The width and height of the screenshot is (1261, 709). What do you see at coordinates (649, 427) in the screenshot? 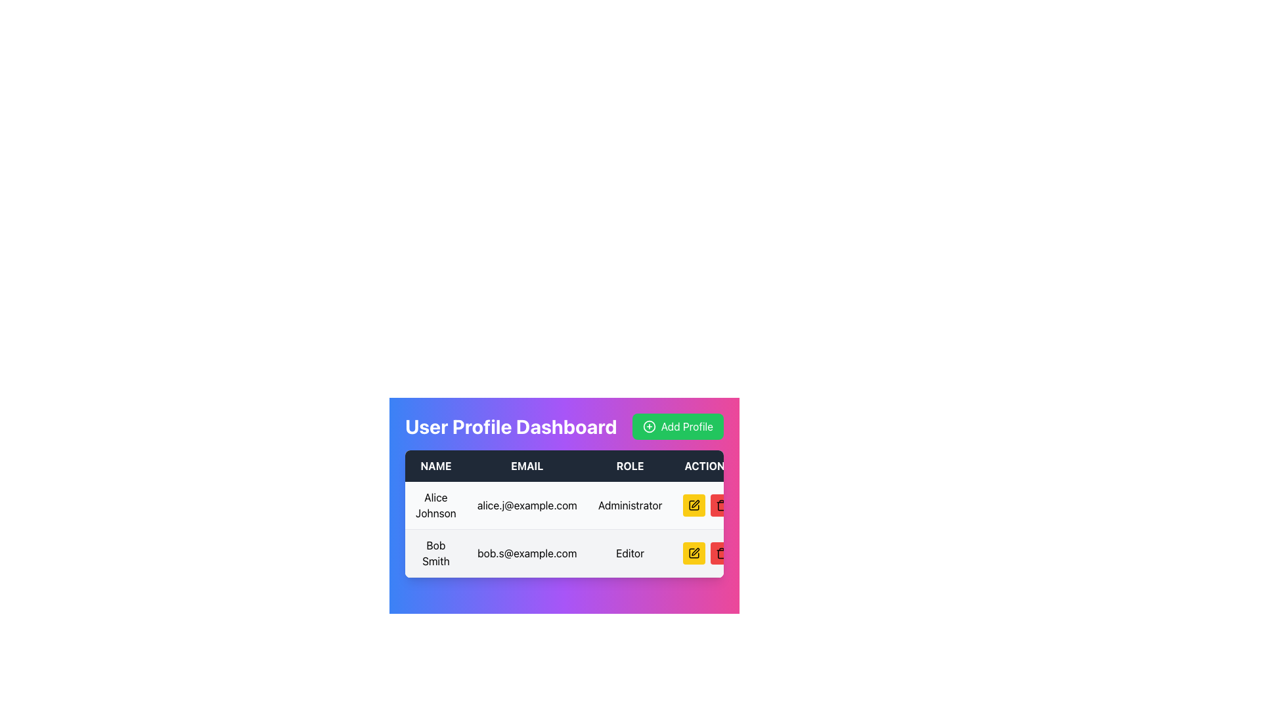
I see `the 'Add Profile' button located at the top right of the user interface` at bounding box center [649, 427].